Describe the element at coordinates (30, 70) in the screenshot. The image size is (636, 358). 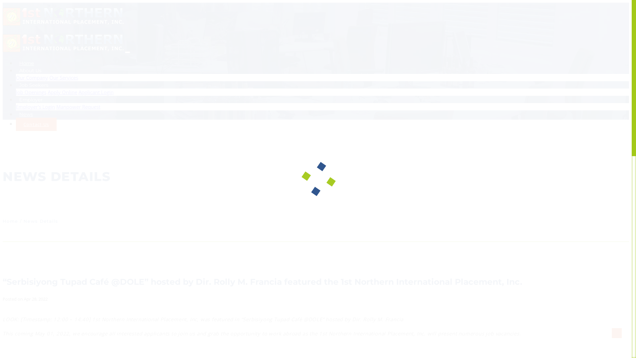
I see `'About Us'` at that location.